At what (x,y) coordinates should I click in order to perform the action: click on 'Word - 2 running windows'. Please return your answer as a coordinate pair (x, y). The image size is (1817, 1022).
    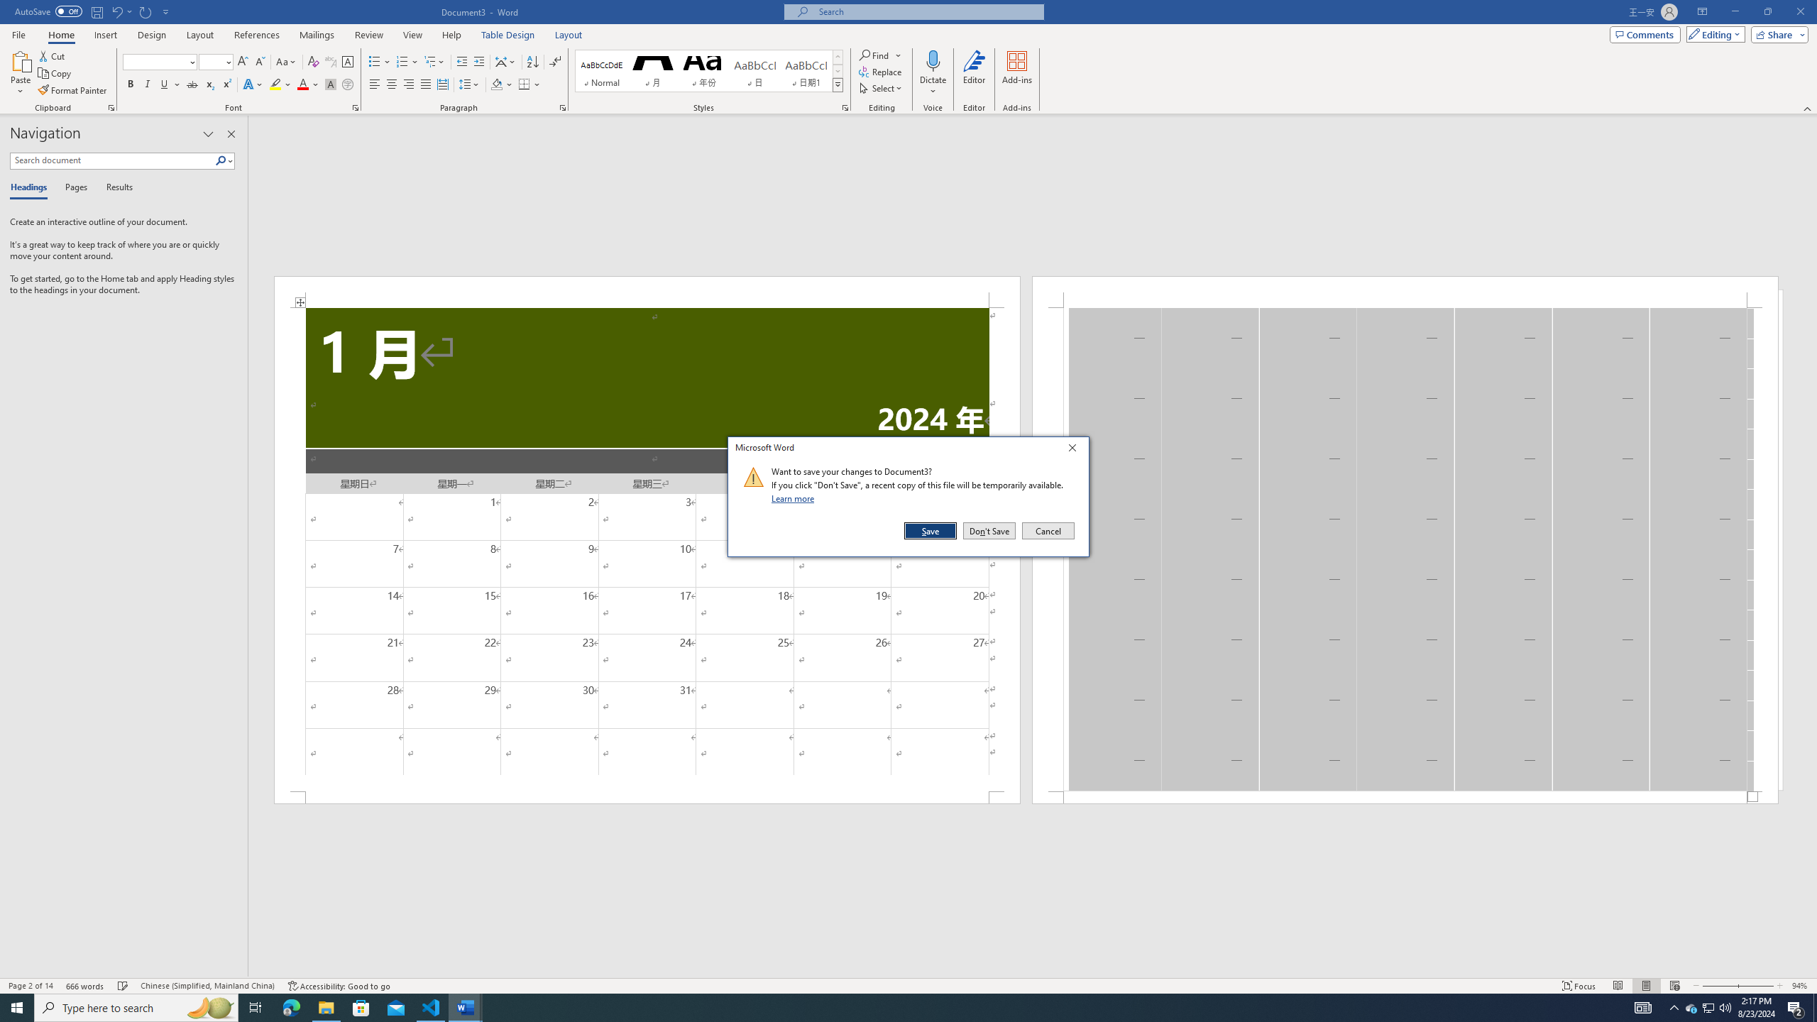
    Looking at the image, I should click on (466, 1006).